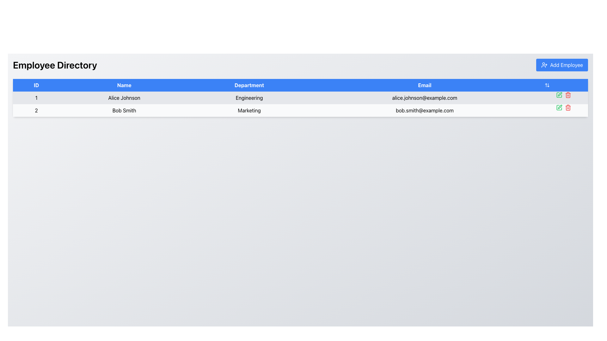  What do you see at coordinates (124, 98) in the screenshot?
I see `the static text element displaying the name 'Alice Johnson' located in the second column of the first row of the employee directory table` at bounding box center [124, 98].